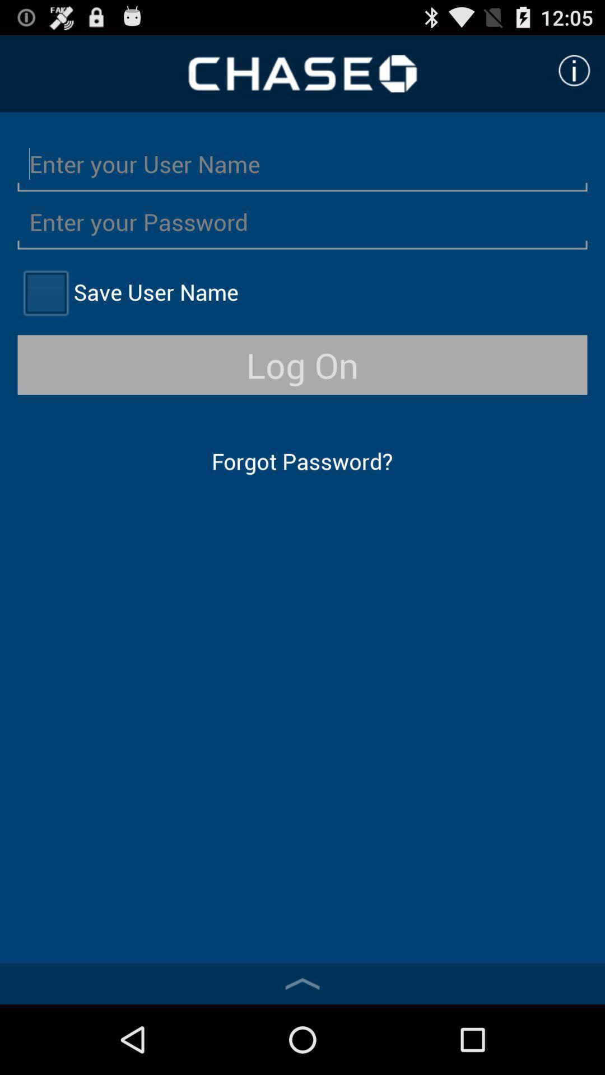  Describe the element at coordinates (45, 292) in the screenshot. I see `user name` at that location.